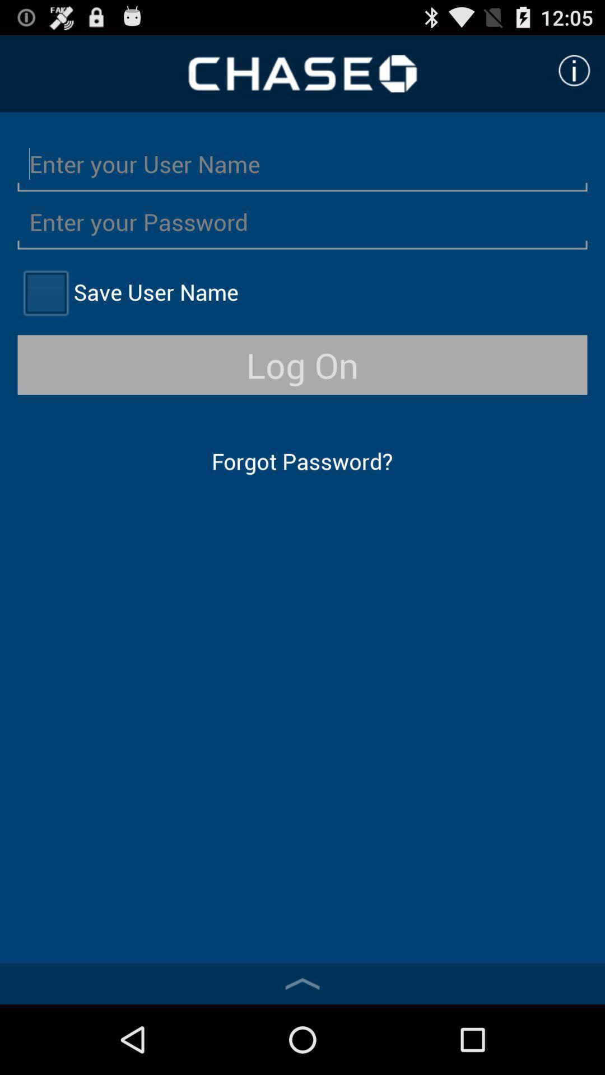  Describe the element at coordinates (45, 292) in the screenshot. I see `user name` at that location.